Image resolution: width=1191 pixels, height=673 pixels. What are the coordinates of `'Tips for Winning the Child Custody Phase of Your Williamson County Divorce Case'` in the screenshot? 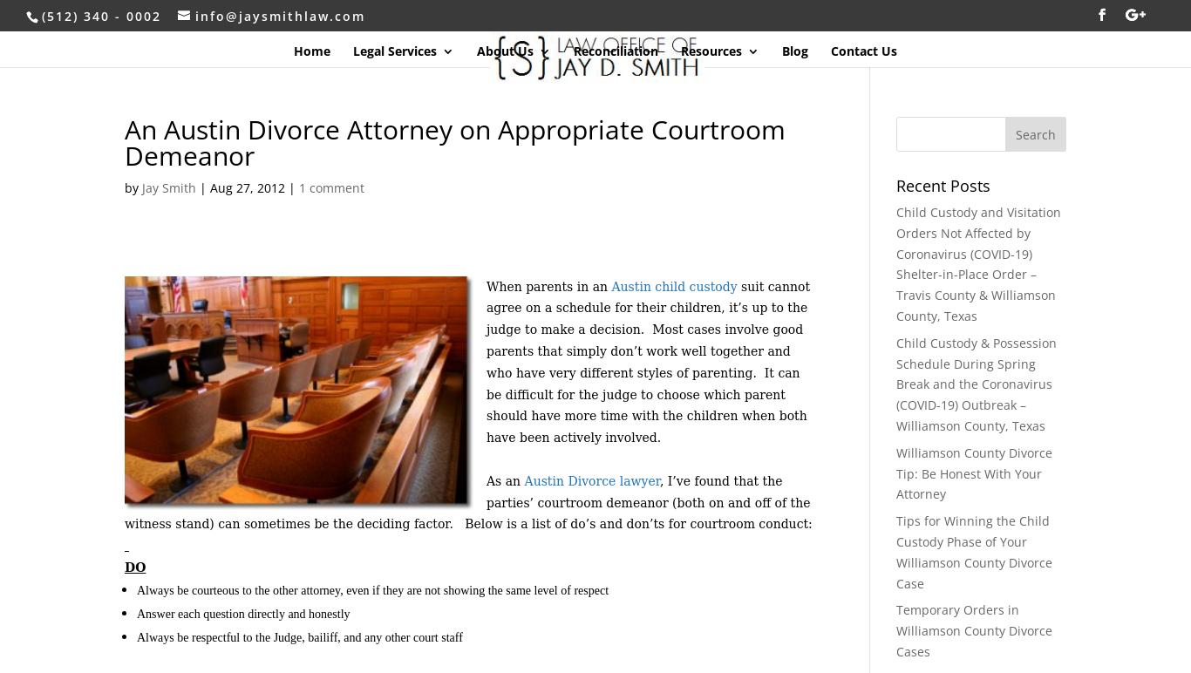 It's located at (972, 550).